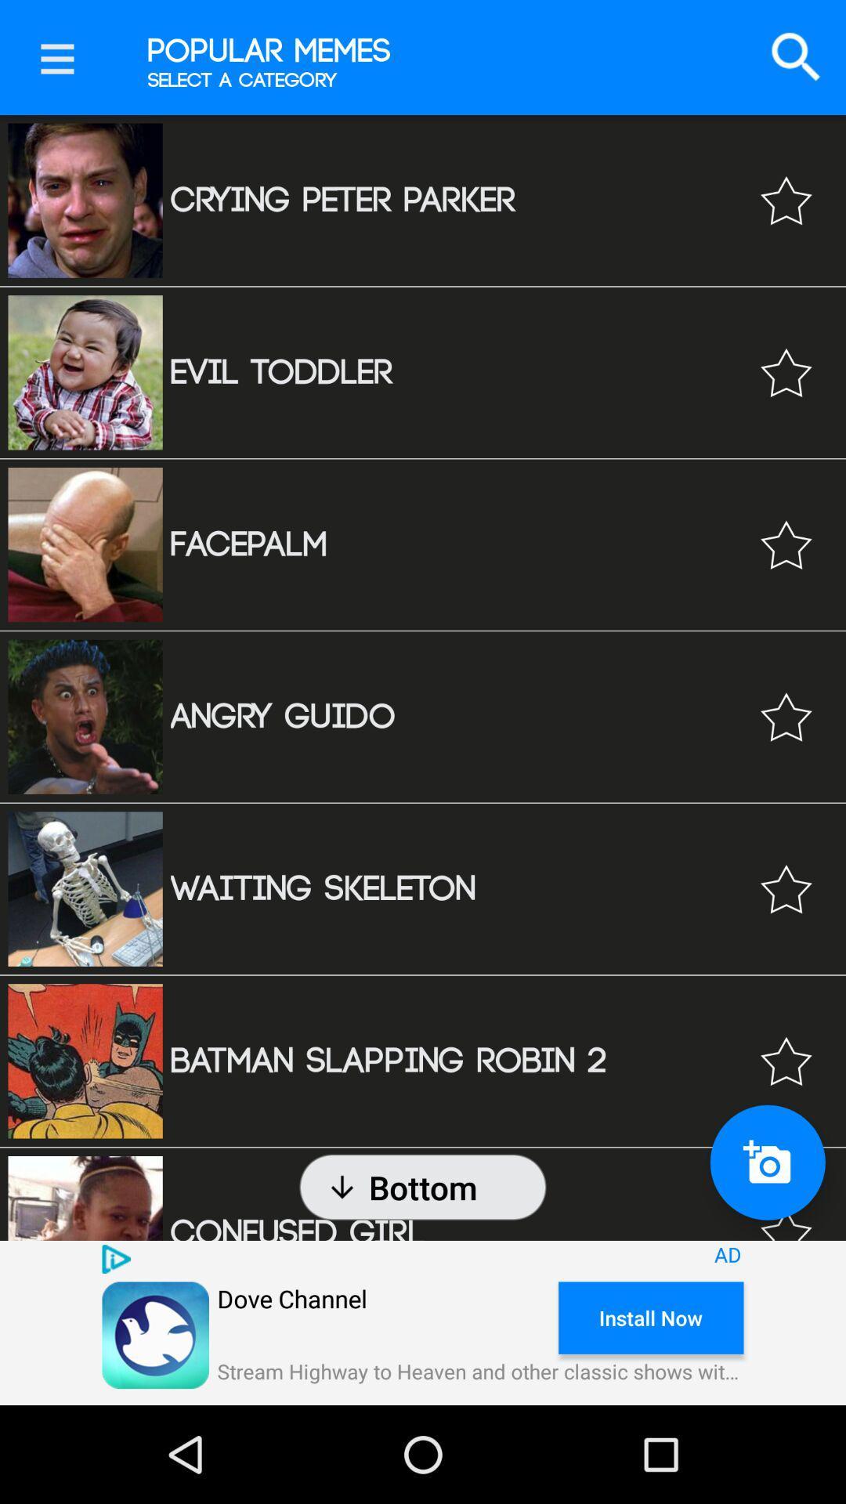 The image size is (846, 1504). Describe the element at coordinates (786, 1210) in the screenshot. I see `to favorites` at that location.